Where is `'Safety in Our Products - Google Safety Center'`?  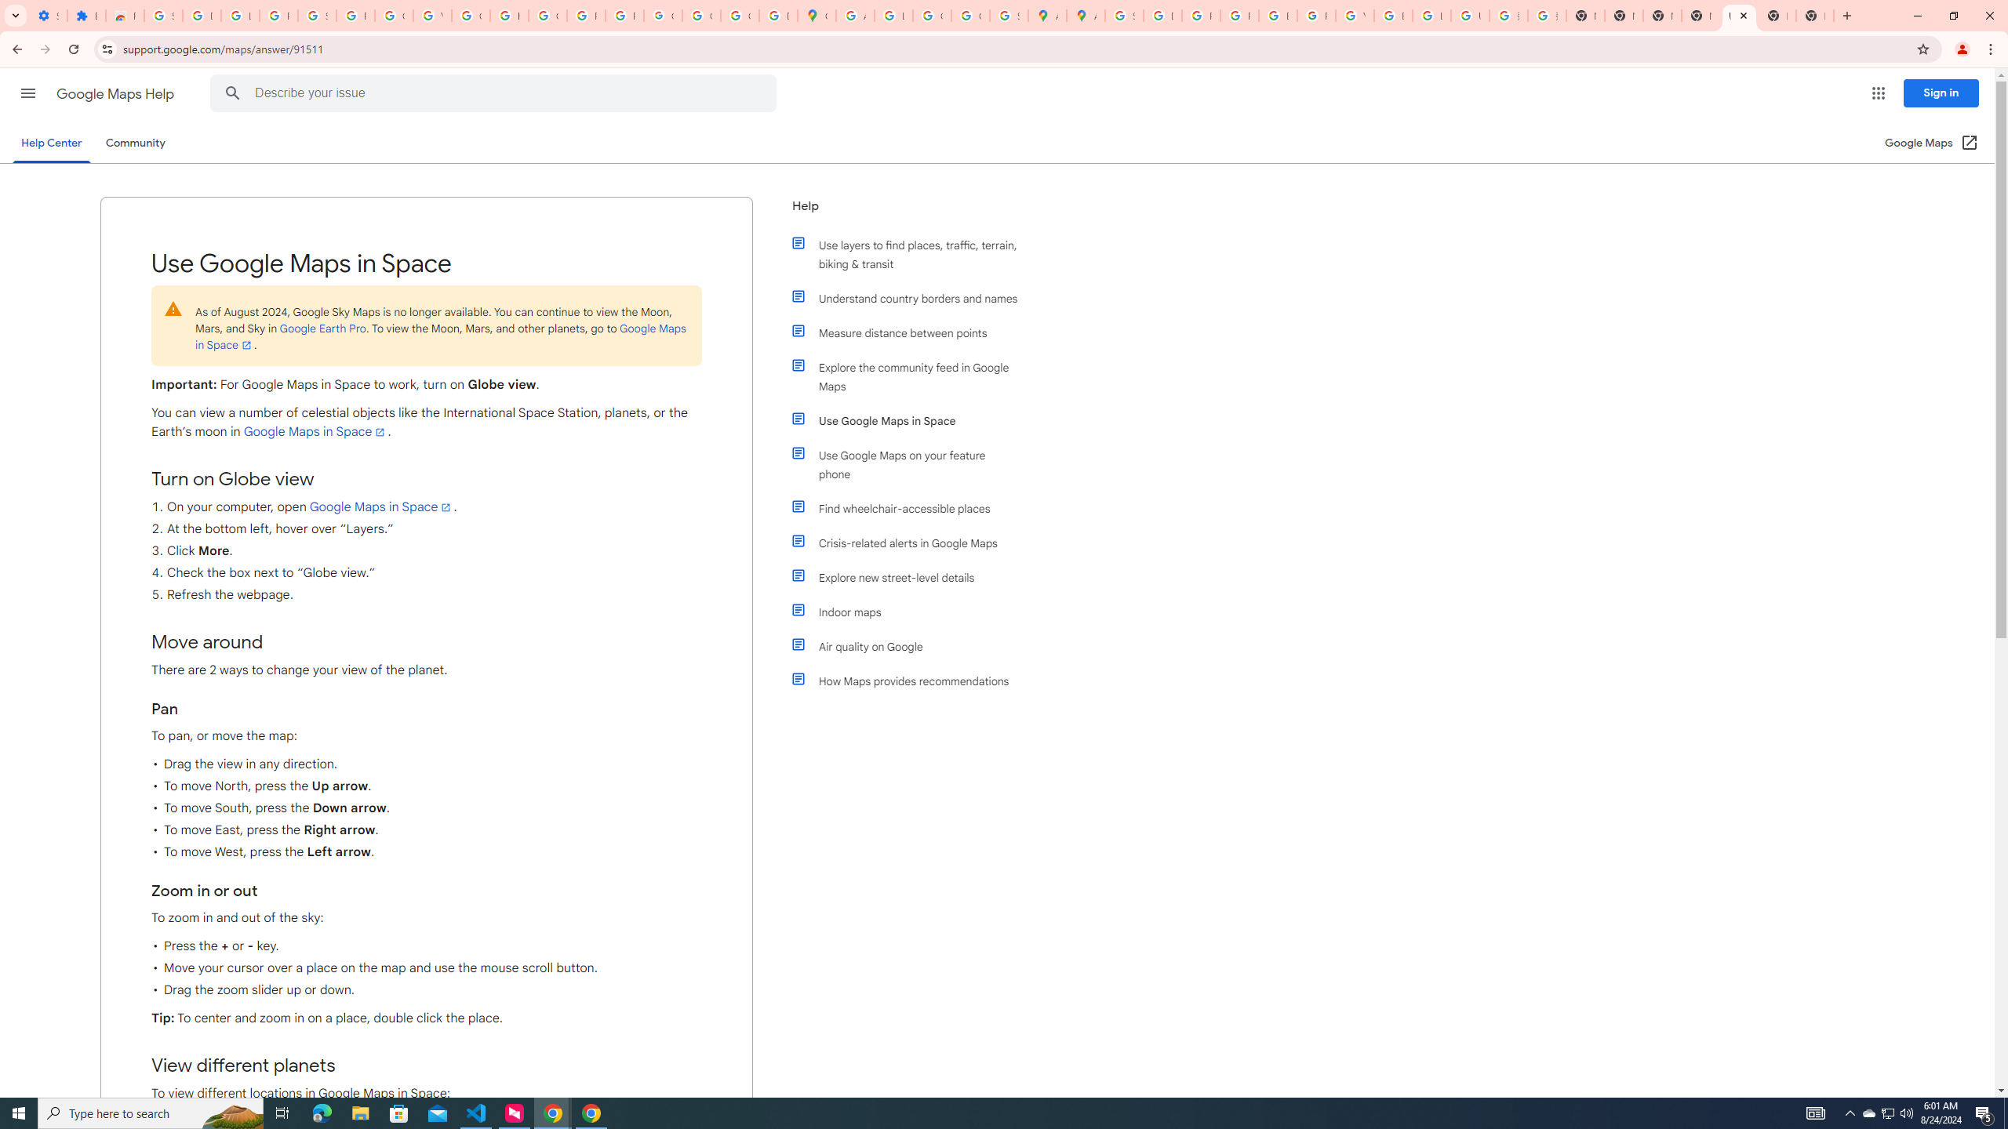 'Safety in Our Products - Google Safety Center' is located at coordinates (1008, 15).